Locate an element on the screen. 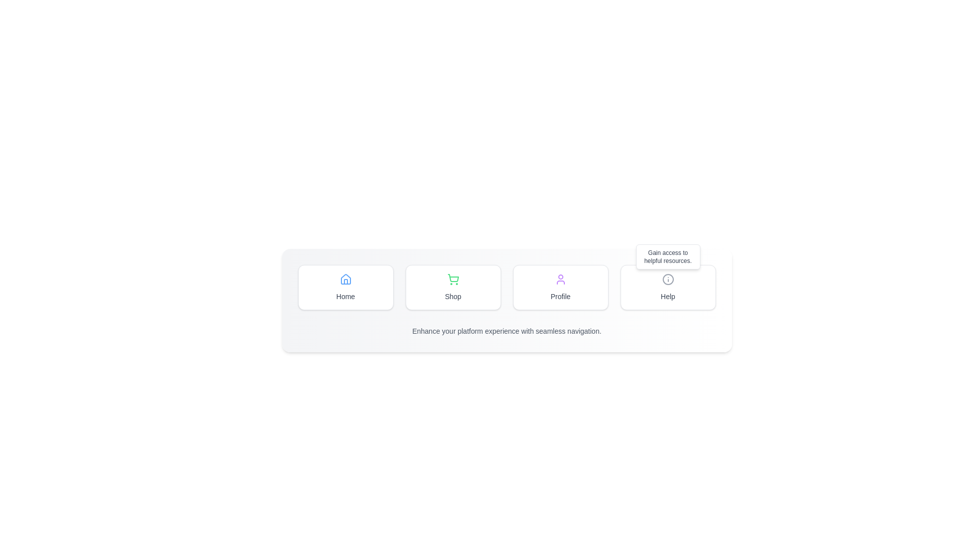 This screenshot has height=542, width=964. the main body of the shopping cart icon within the 'Shop' button in the navigation menu is located at coordinates (452, 278).